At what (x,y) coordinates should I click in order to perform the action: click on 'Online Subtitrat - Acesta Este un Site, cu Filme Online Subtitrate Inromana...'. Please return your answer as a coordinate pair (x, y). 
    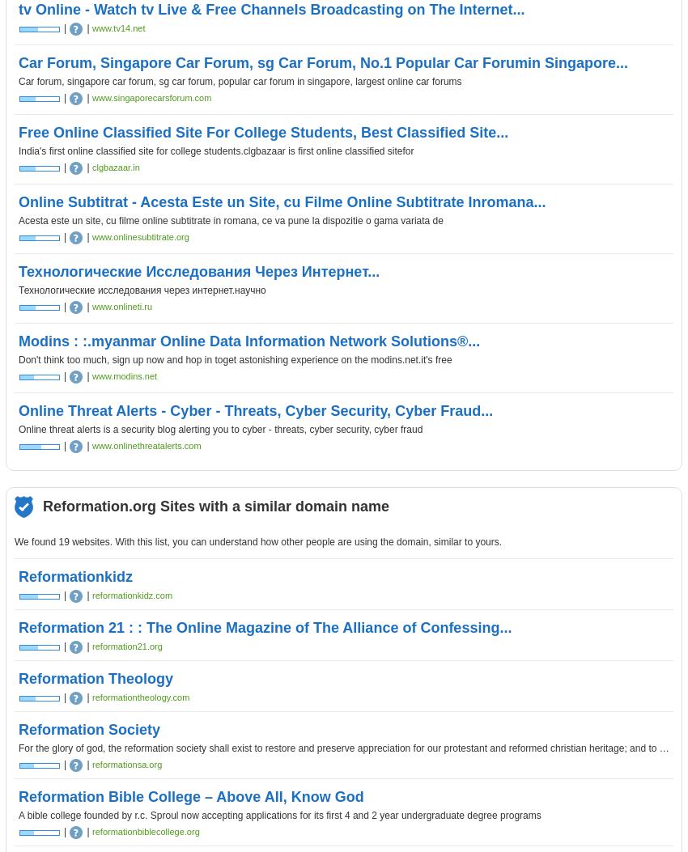
    Looking at the image, I should click on (281, 201).